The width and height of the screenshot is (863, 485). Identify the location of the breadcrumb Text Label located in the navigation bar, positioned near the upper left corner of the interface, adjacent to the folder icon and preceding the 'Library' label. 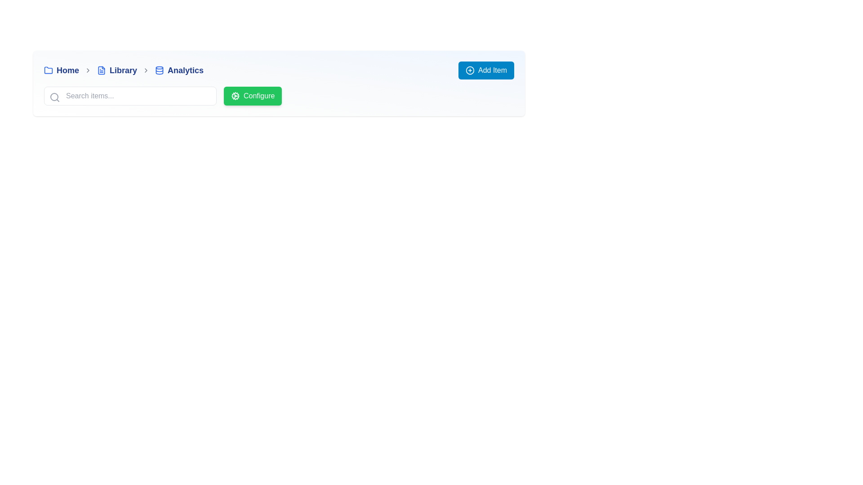
(67, 70).